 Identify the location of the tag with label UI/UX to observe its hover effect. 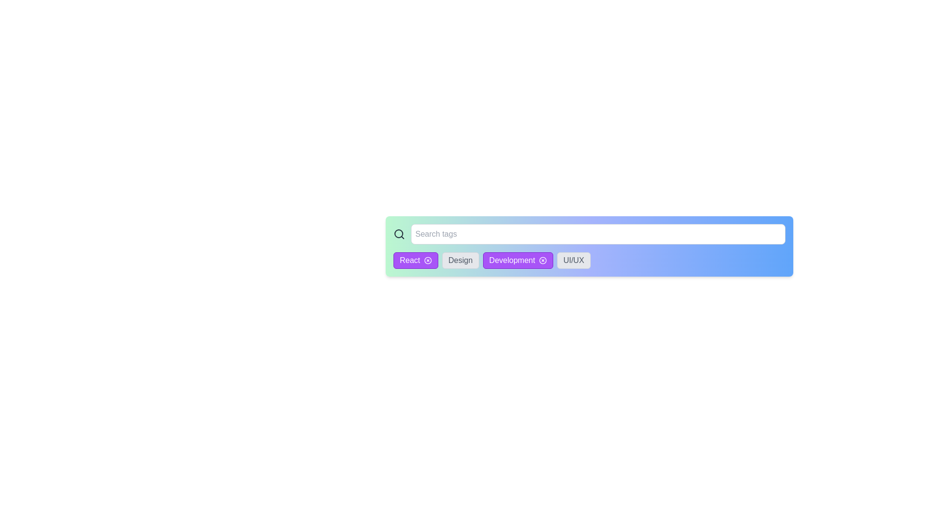
(574, 260).